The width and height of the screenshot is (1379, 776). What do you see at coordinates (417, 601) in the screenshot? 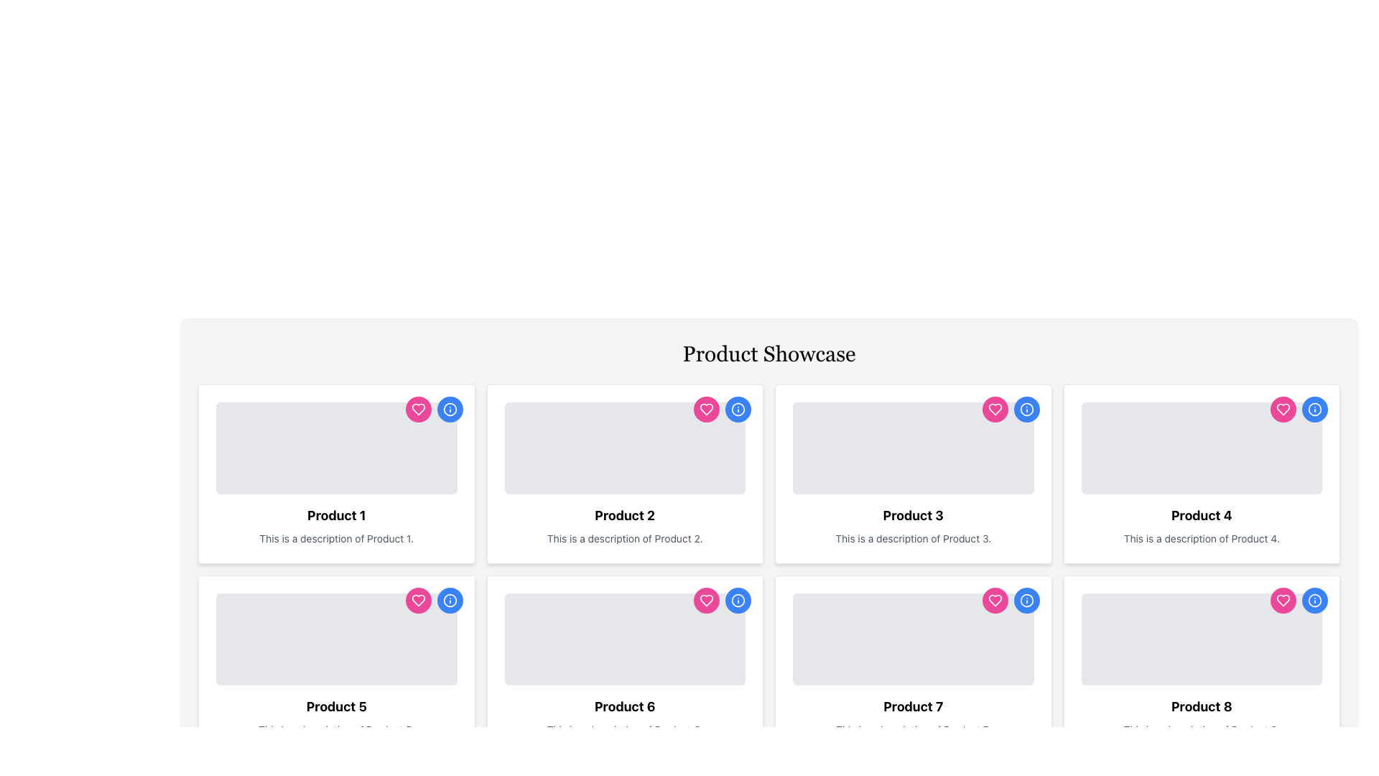
I see `the heart-shaped pink icon located in the top-right corner of the product card in the first column of the second row to mark the product` at bounding box center [417, 601].